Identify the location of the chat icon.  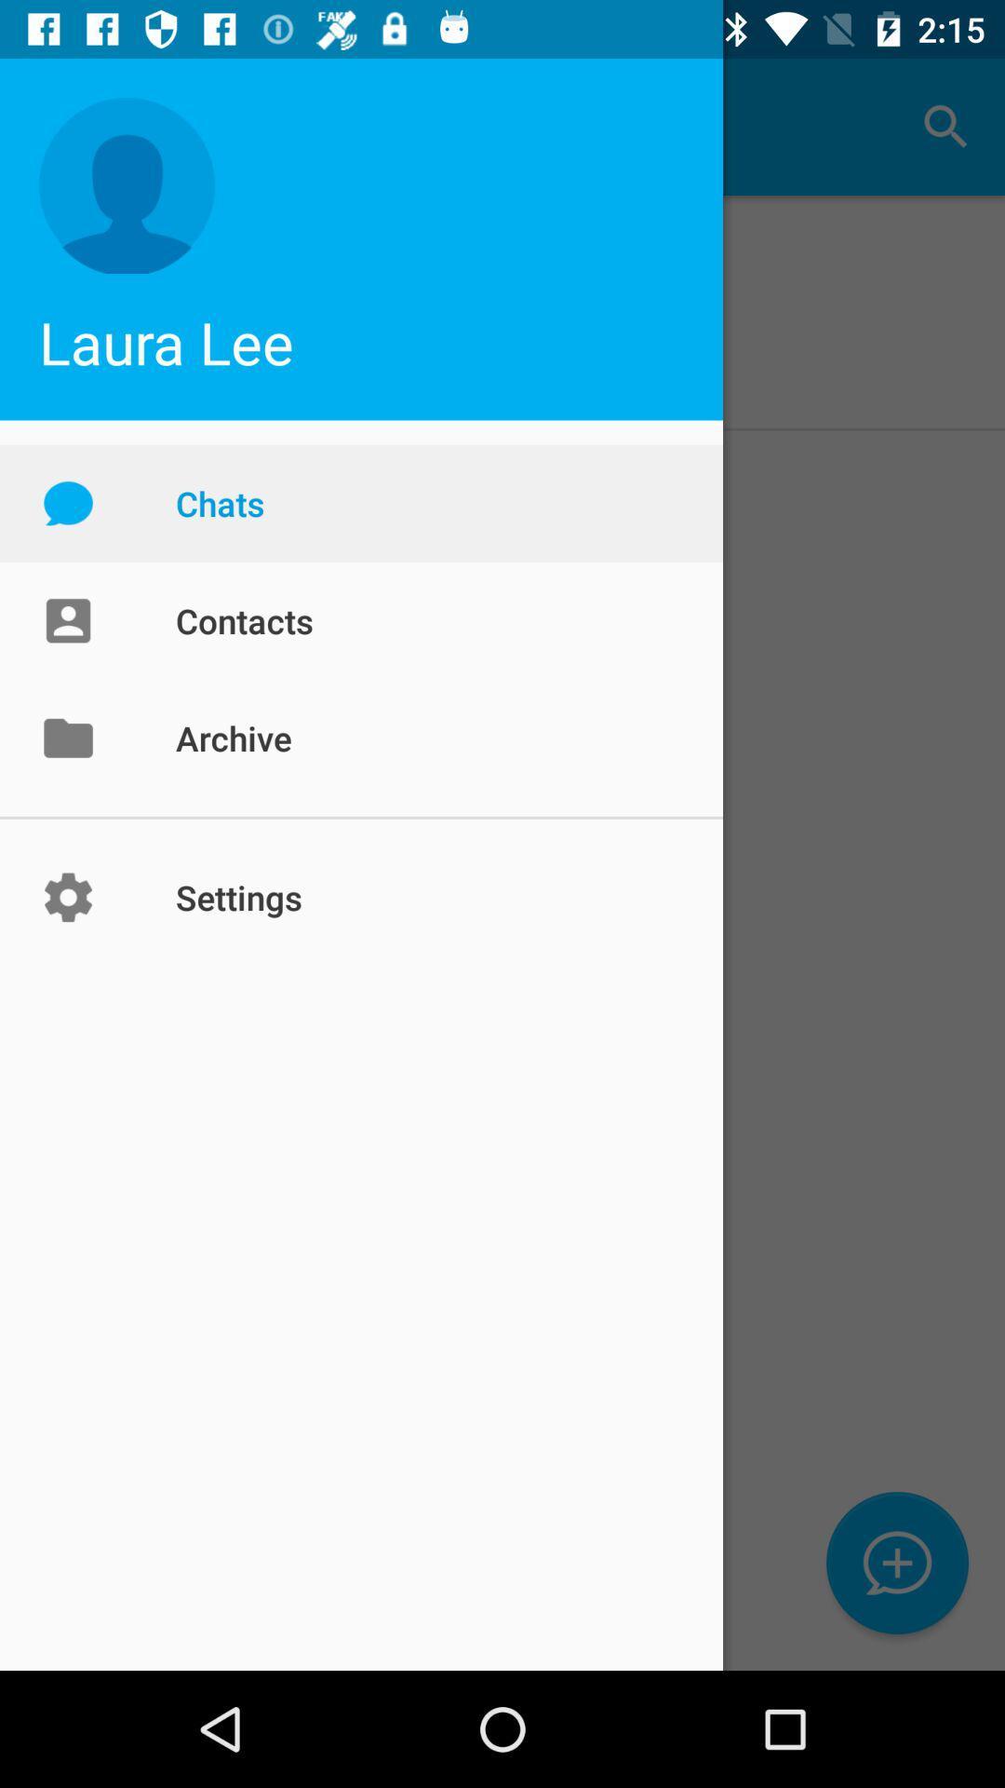
(896, 1572).